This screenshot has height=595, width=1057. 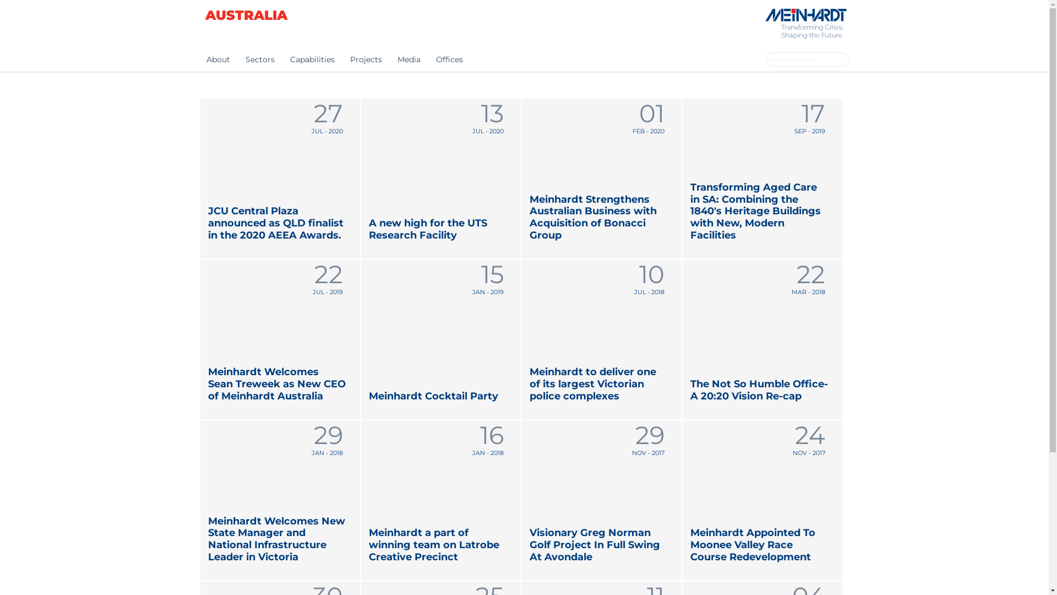 What do you see at coordinates (408, 59) in the screenshot?
I see `'Media'` at bounding box center [408, 59].